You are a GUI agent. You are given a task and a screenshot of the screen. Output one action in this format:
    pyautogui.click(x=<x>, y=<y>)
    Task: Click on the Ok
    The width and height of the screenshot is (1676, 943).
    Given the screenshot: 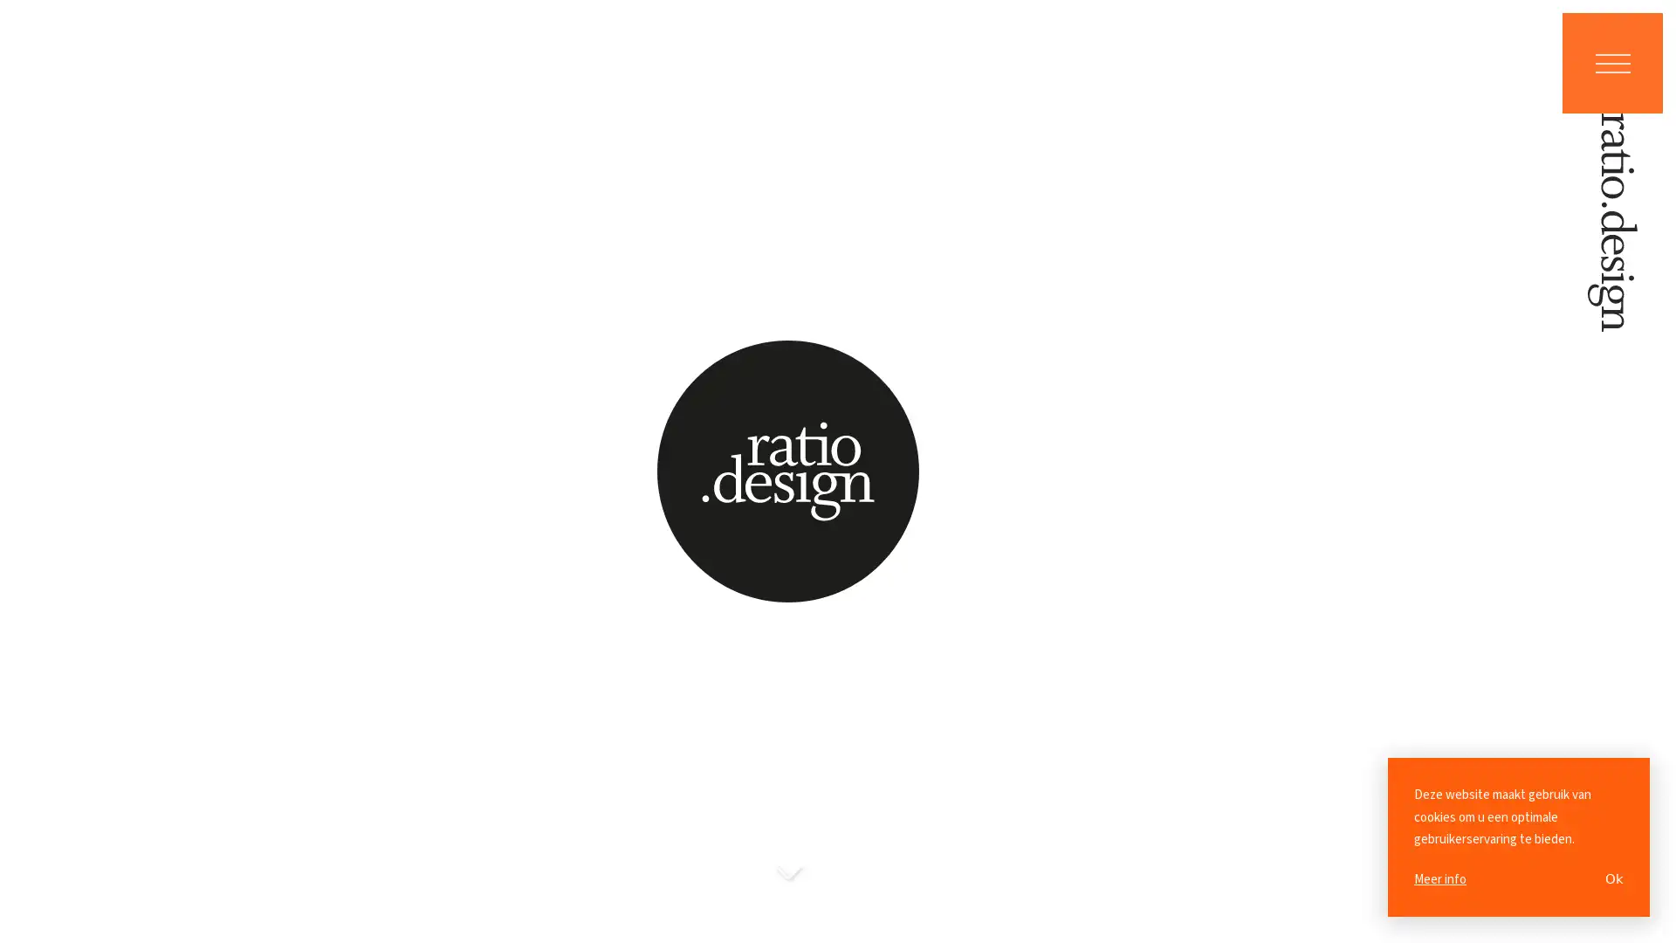 What is the action you would take?
    pyautogui.click(x=1613, y=878)
    